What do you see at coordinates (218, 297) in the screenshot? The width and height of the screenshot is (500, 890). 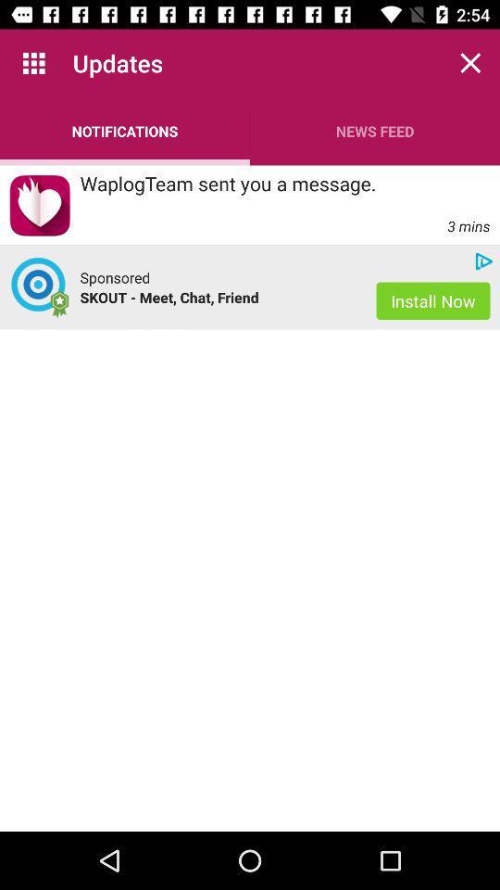 I see `the skout meet chat app` at bounding box center [218, 297].